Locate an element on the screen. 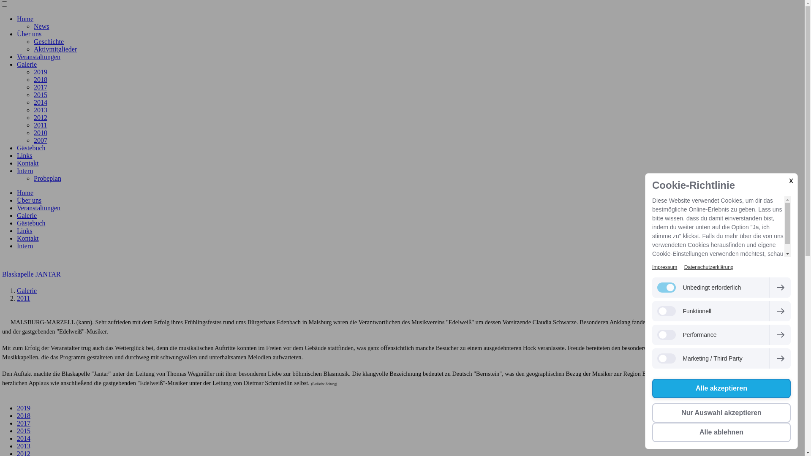 Image resolution: width=811 pixels, height=456 pixels. '2017' is located at coordinates (24, 423).